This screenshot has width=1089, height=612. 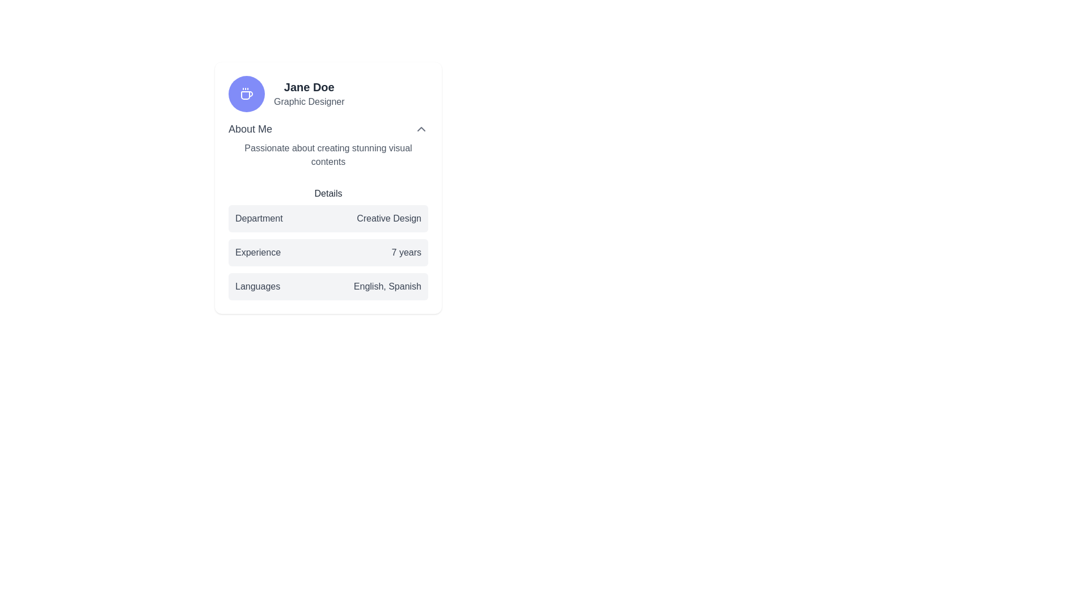 What do you see at coordinates (421, 128) in the screenshot?
I see `the upward-facing chevron button located to the right of the 'About Me' text` at bounding box center [421, 128].